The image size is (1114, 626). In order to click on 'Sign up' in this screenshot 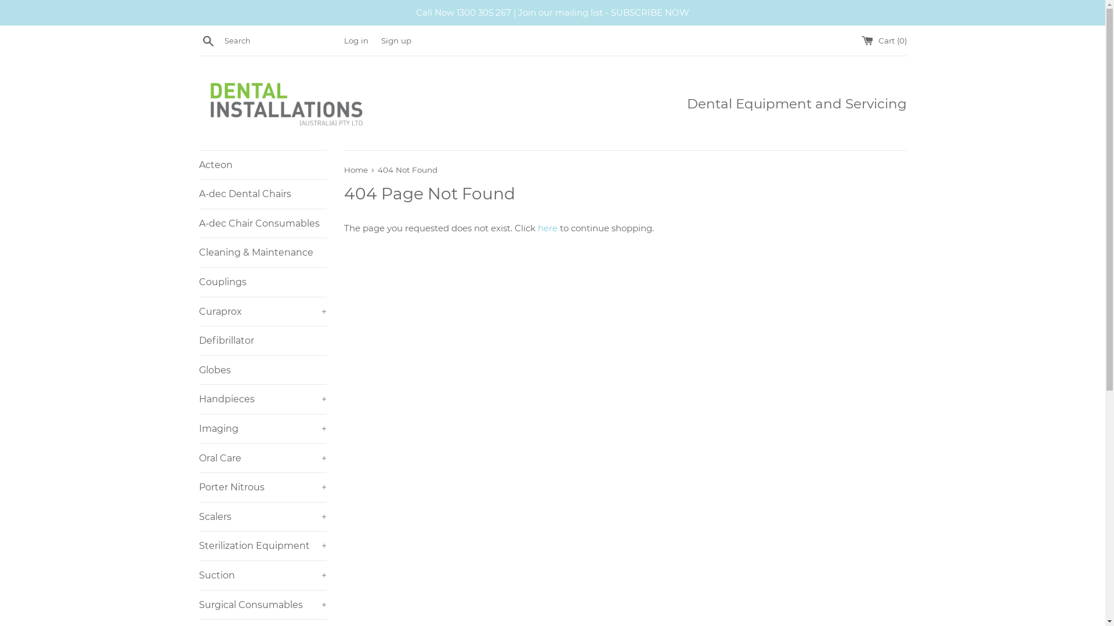, I will do `click(395, 39)`.